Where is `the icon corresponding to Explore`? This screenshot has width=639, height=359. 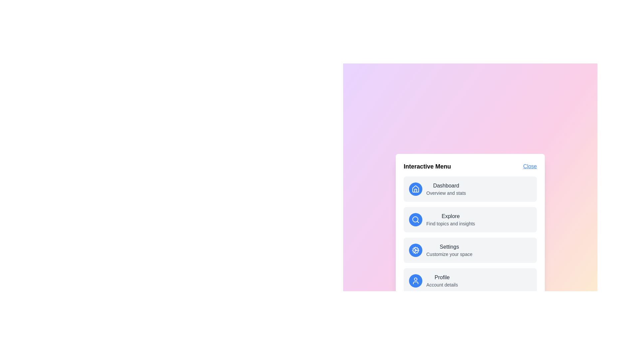 the icon corresponding to Explore is located at coordinates (415, 219).